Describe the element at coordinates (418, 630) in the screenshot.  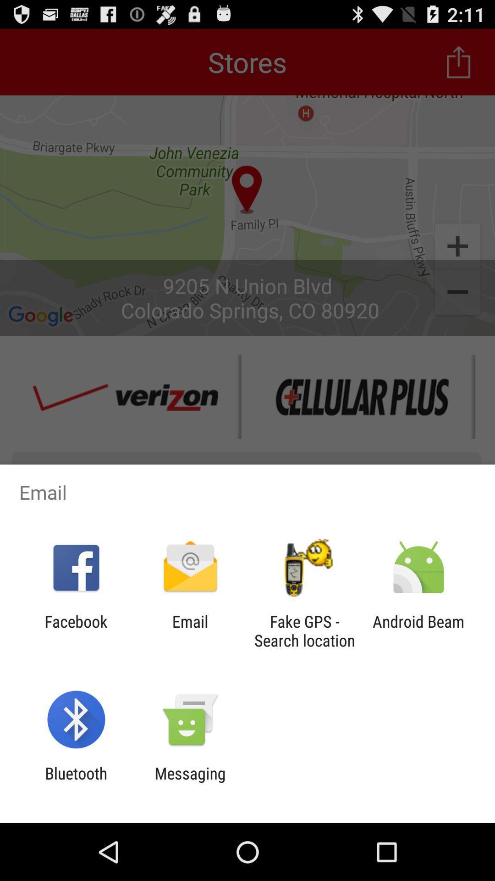
I see `icon at the bottom right corner` at that location.